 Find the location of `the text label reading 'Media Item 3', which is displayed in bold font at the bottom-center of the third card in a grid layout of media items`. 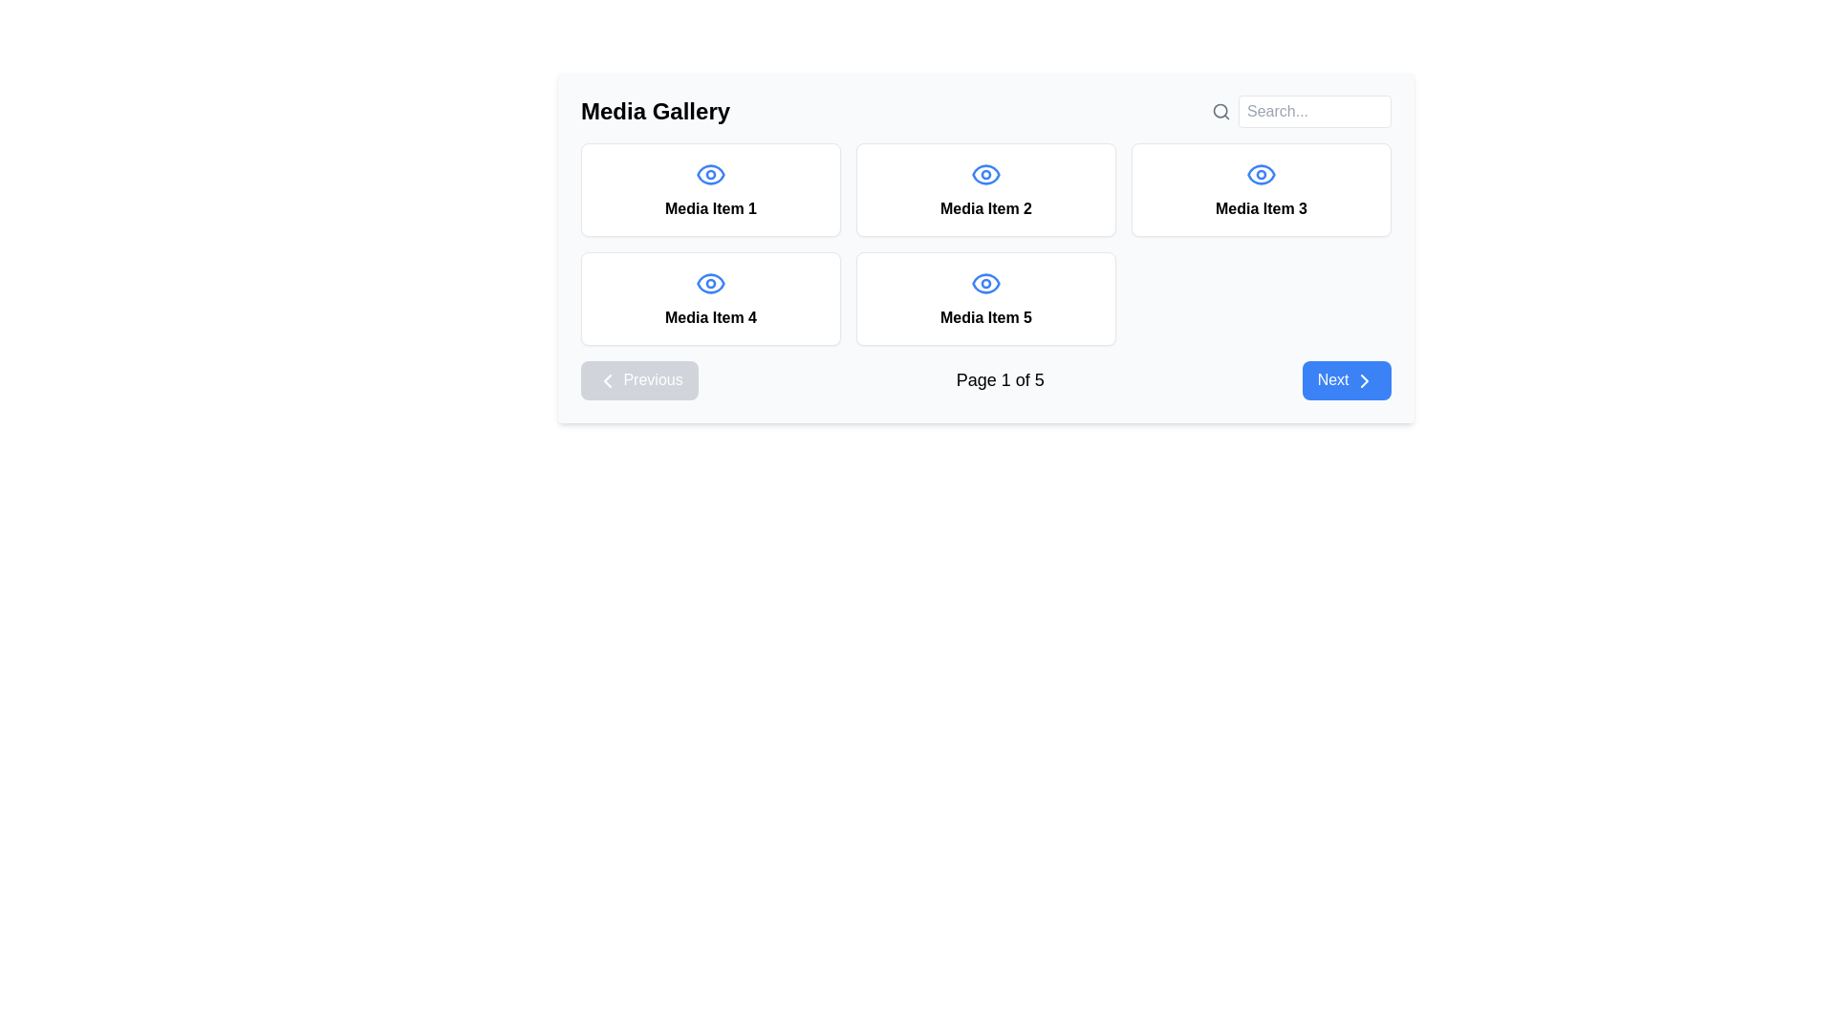

the text label reading 'Media Item 3', which is displayed in bold font at the bottom-center of the third card in a grid layout of media items is located at coordinates (1262, 209).